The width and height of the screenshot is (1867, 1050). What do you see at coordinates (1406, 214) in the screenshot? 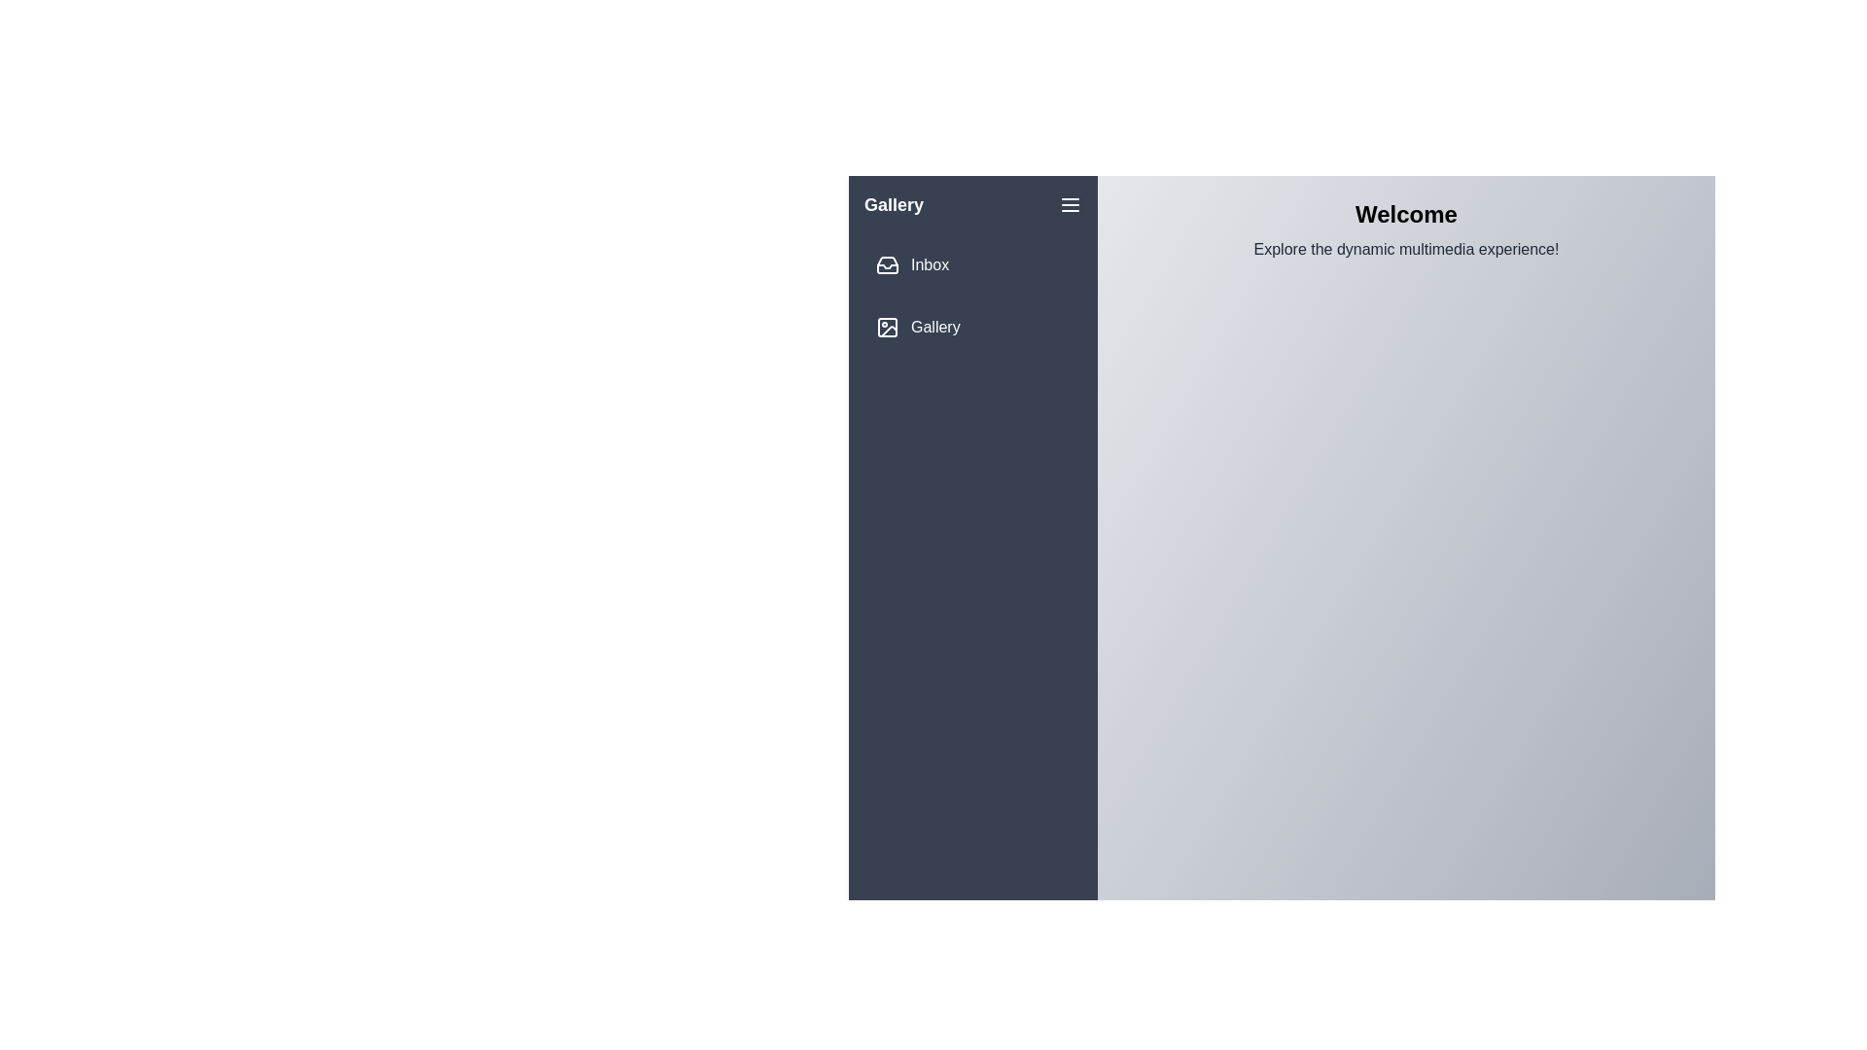
I see `the header or title text located at the top-center of the page` at bounding box center [1406, 214].